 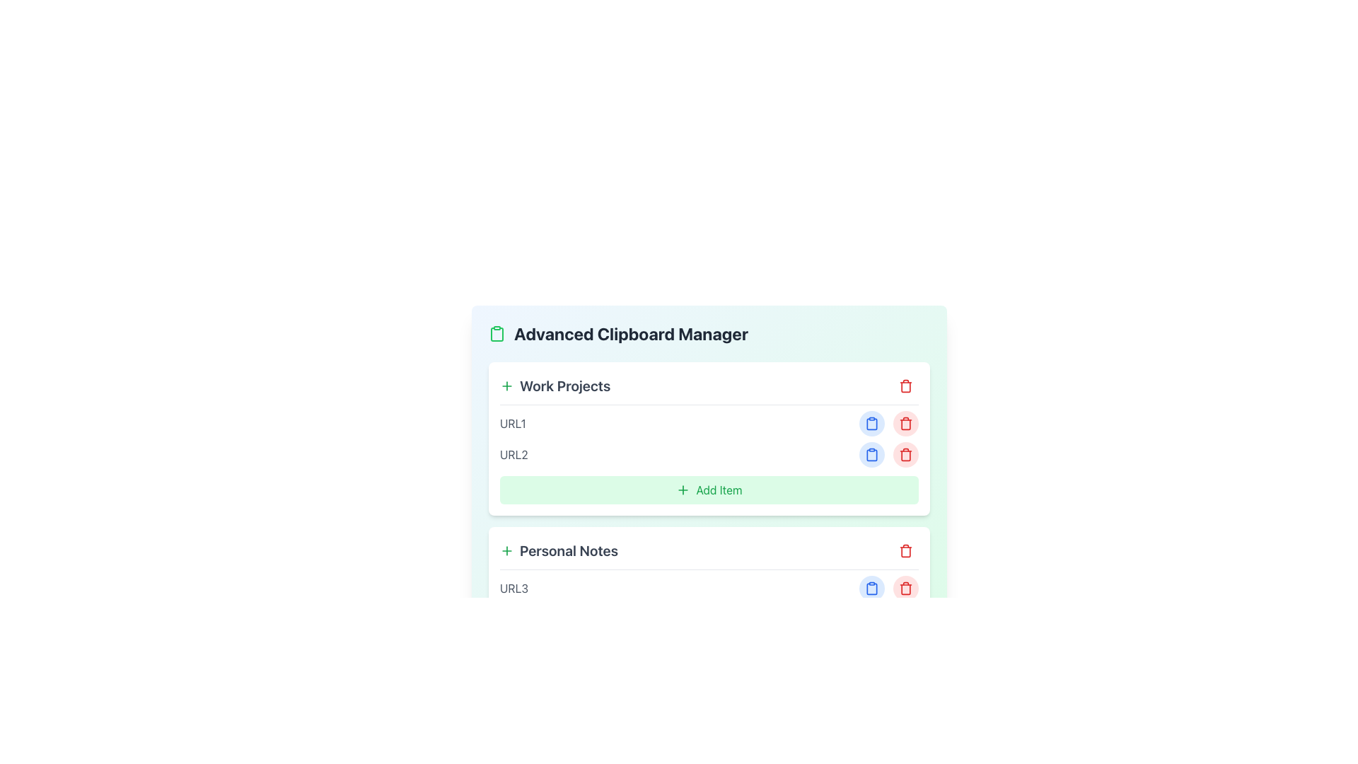 I want to click on the clipboard icon located within the button to the right of an item in the 'Work Projects' section, so click(x=871, y=455).